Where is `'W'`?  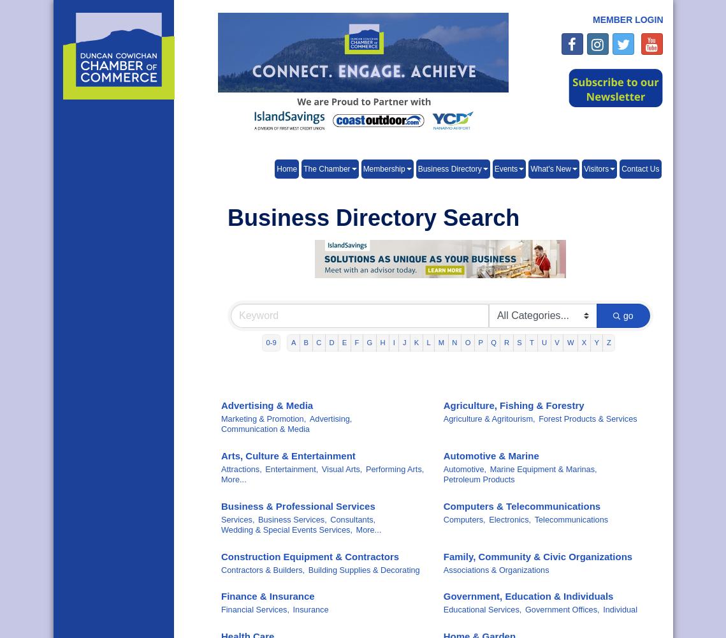
'W' is located at coordinates (566, 343).